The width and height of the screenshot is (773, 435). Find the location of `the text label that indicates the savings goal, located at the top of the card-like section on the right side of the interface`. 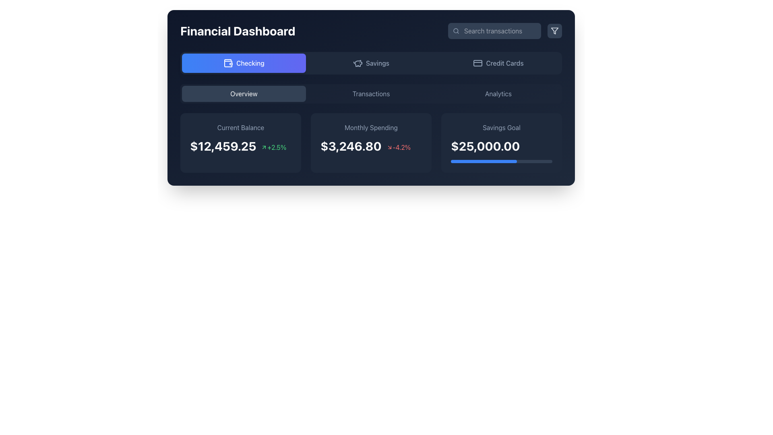

the text label that indicates the savings goal, located at the top of the card-like section on the right side of the interface is located at coordinates (501, 127).